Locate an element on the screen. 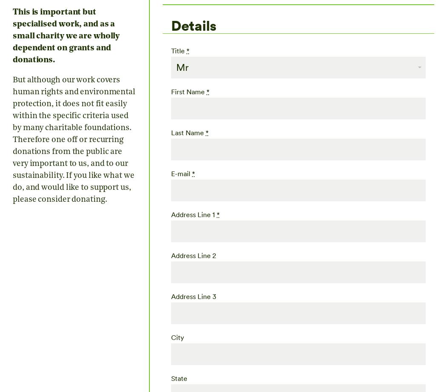  'City' is located at coordinates (177, 337).